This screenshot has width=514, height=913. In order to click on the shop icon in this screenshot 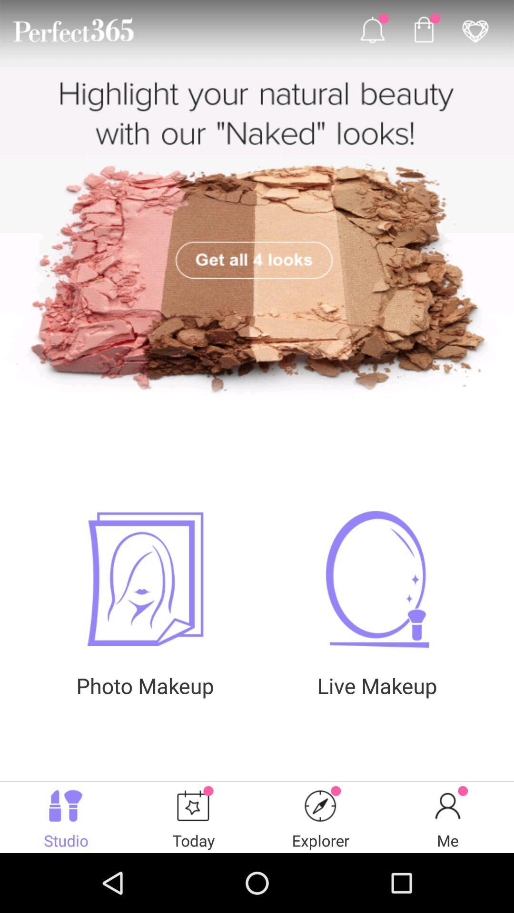, I will do `click(423, 32)`.